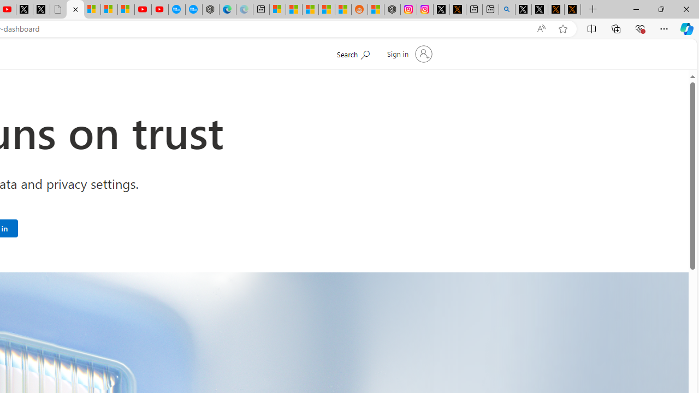 This screenshot has height=393, width=699. I want to click on 'Profile / X', so click(523, 9).